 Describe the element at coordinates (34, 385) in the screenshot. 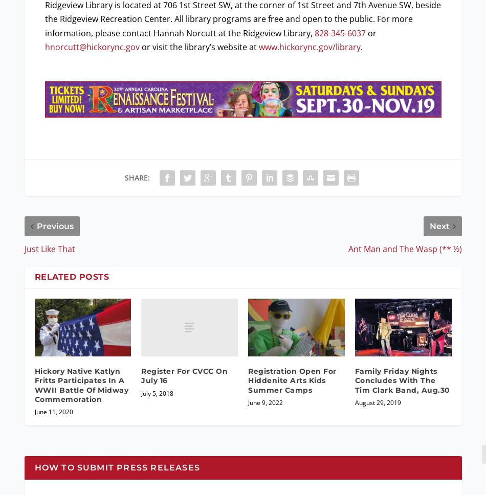

I see `'Hickory Native Katlyn Fritts Participates In A WWII Battle Of  Midway Commemoration'` at that location.